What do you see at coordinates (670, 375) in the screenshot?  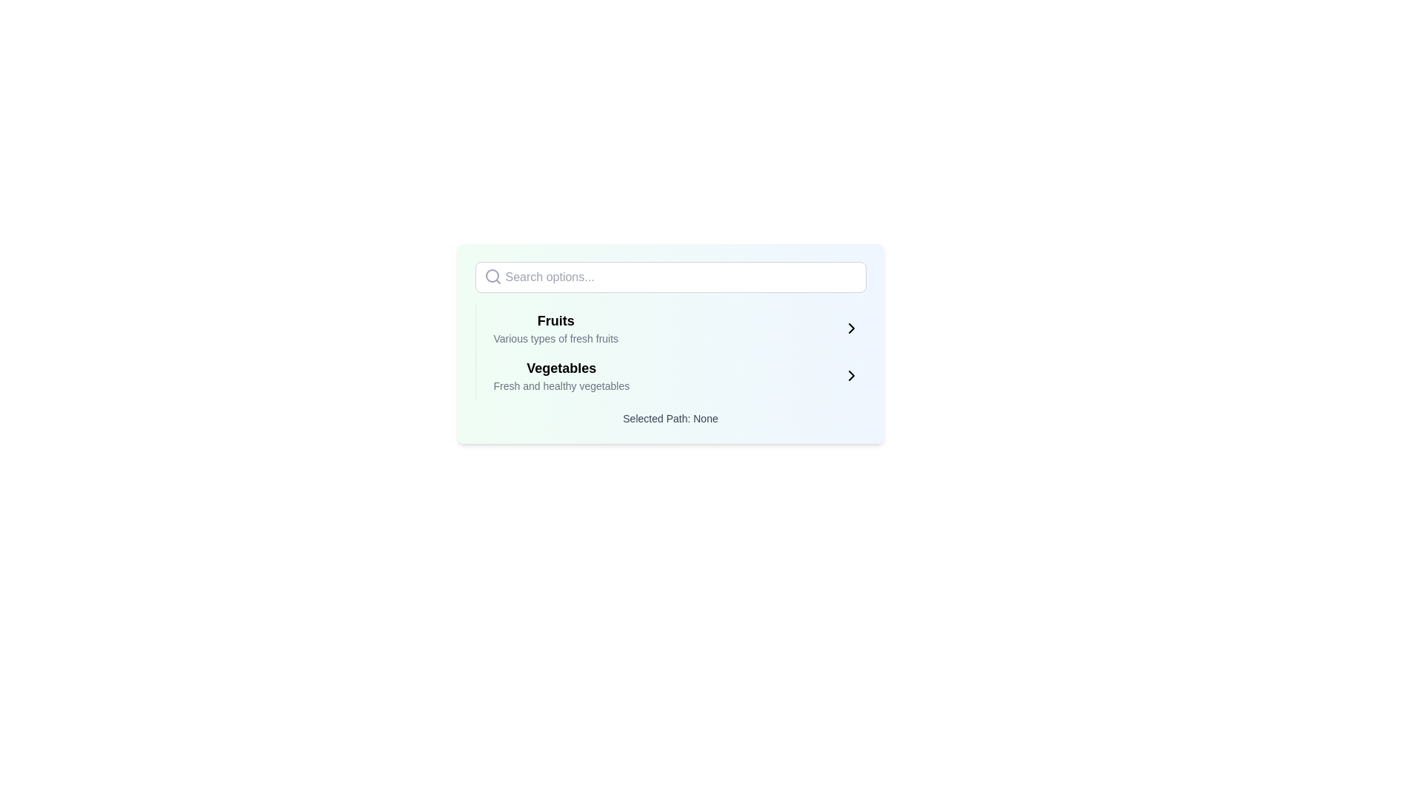 I see `the 'Vegetables' category list item` at bounding box center [670, 375].